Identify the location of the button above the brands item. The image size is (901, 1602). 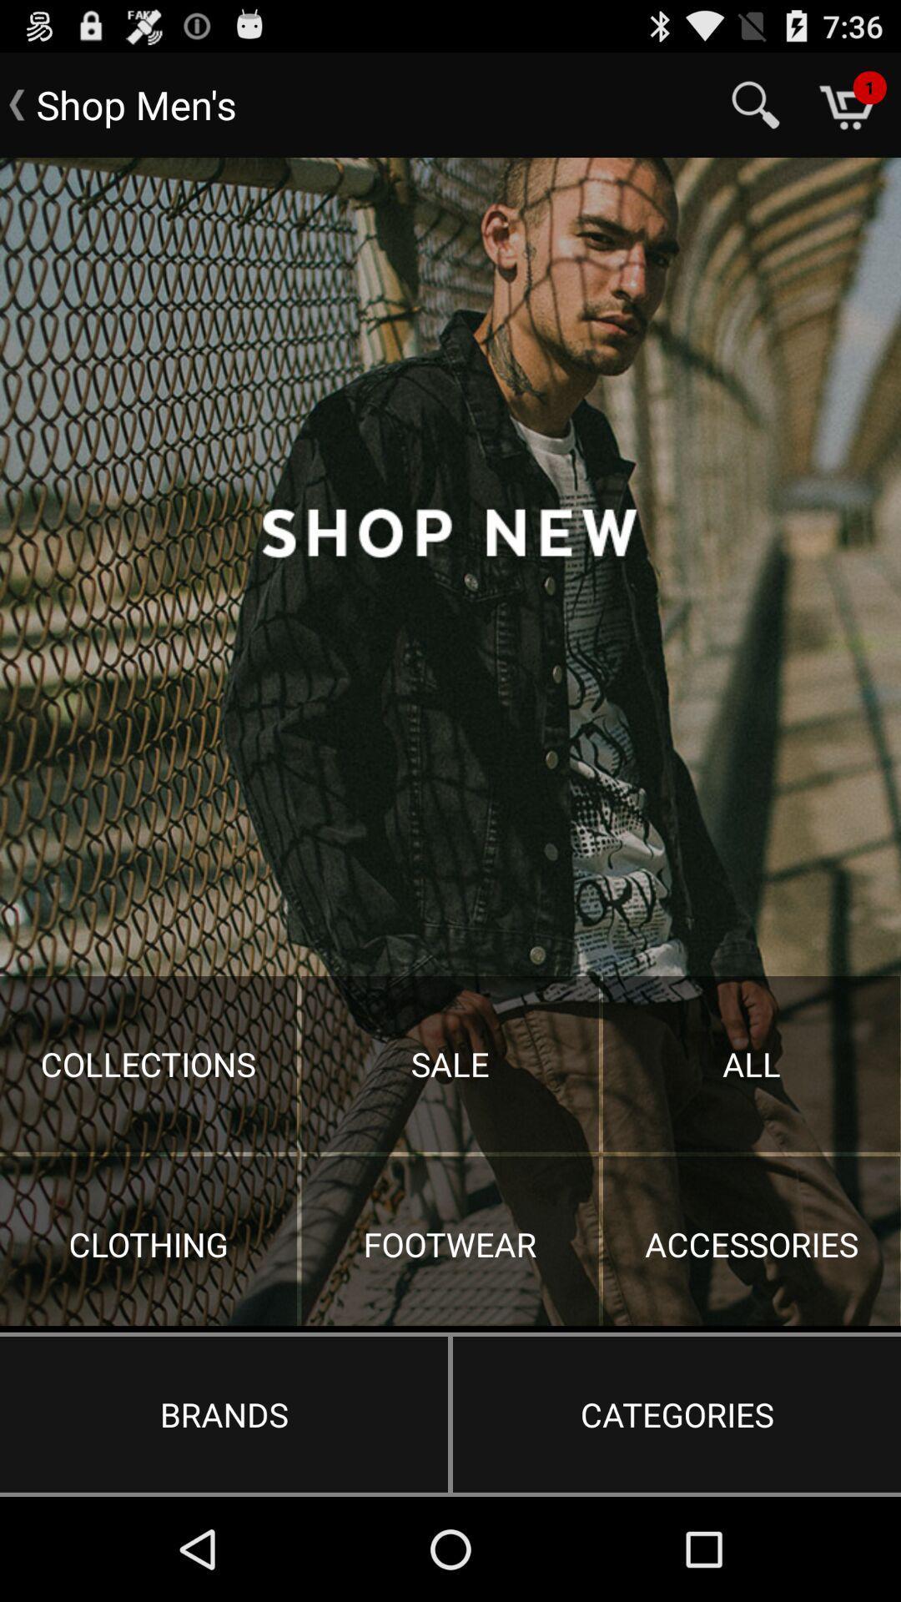
(450, 741).